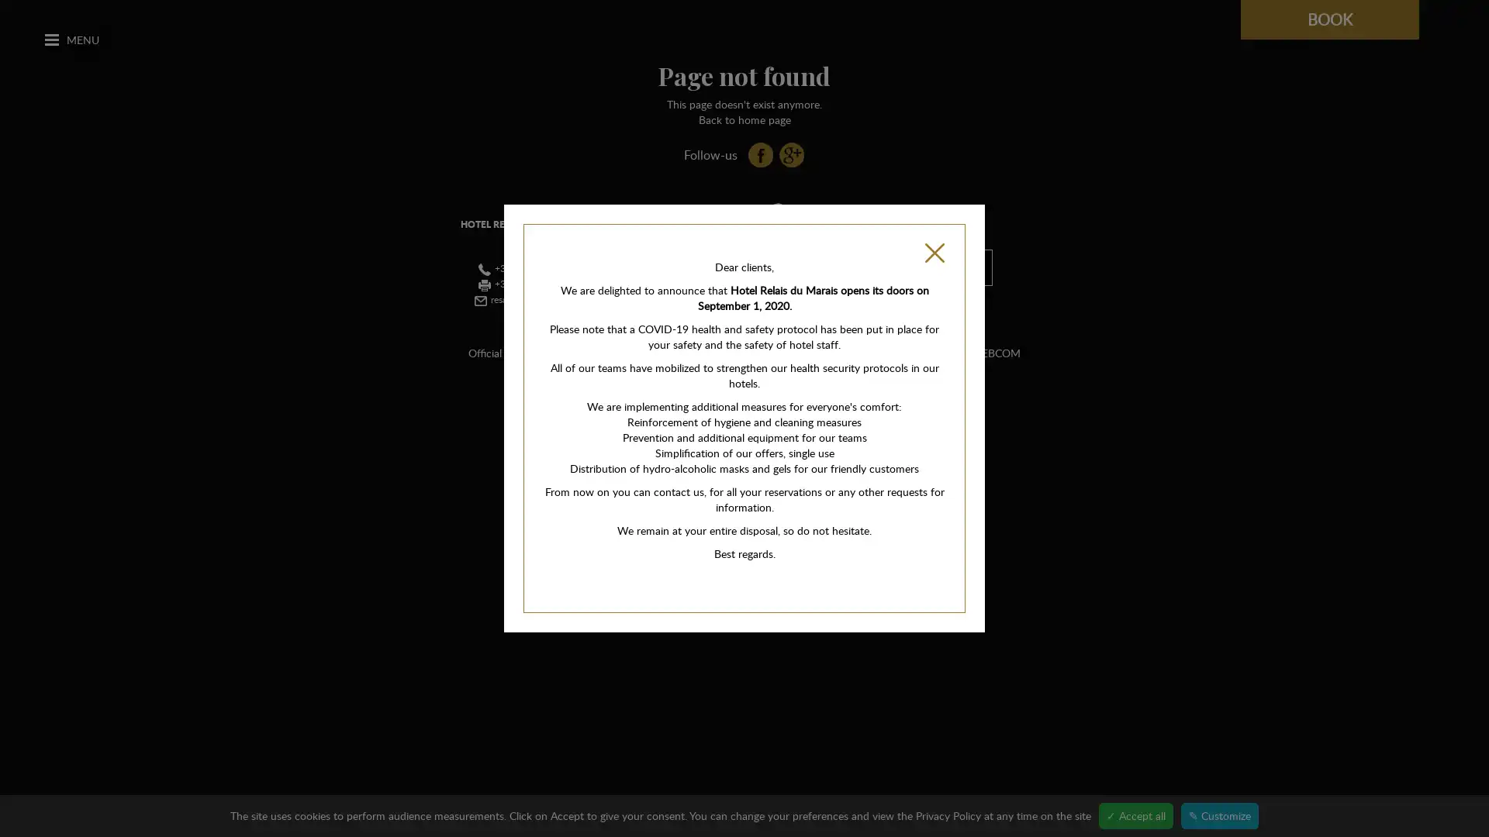  Describe the element at coordinates (1219, 815) in the screenshot. I see `Customize` at that location.